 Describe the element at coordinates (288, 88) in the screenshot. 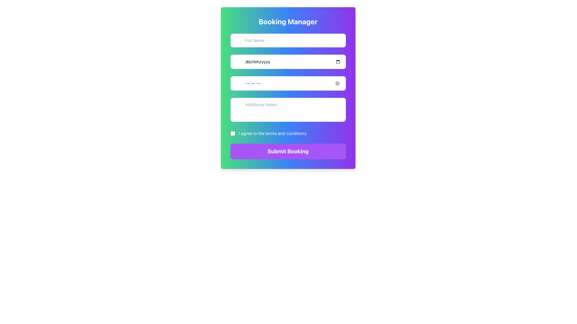

I see `the text input field for time entry, which is visually indicated by a clock icon and is positioned below the date field and above the notes area` at that location.